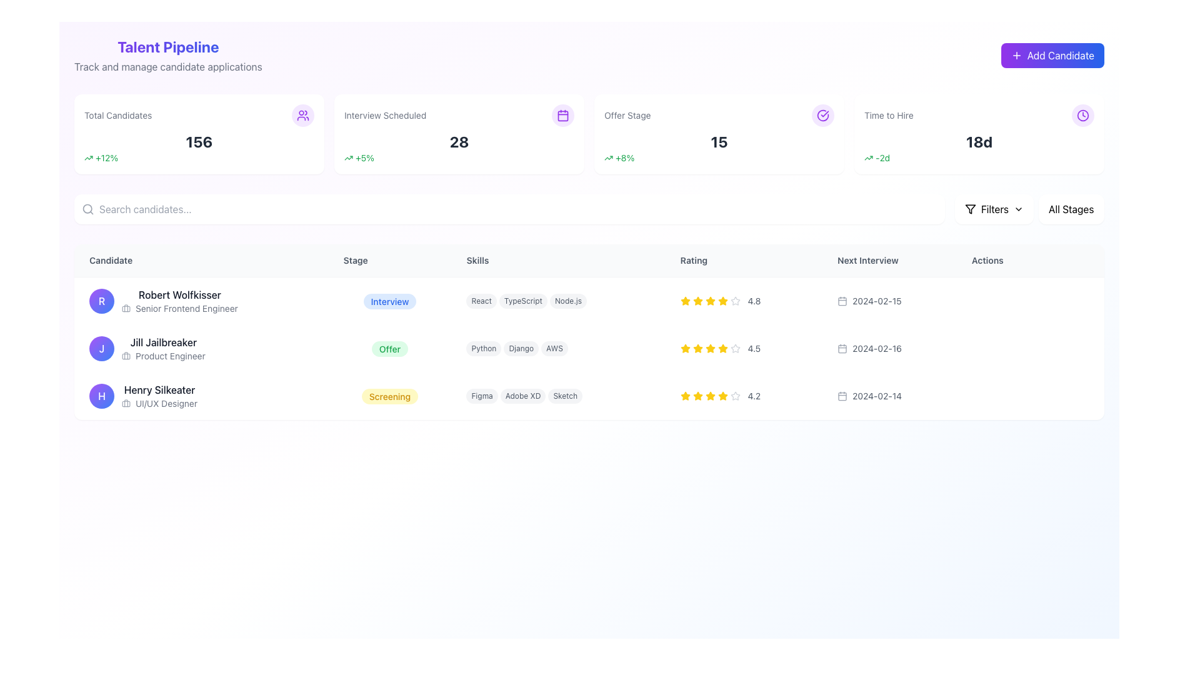 The image size is (1200, 675). I want to click on the candidate's name in the Profile summary entry located in the third row under the 'Candidate' column, so click(201, 396).